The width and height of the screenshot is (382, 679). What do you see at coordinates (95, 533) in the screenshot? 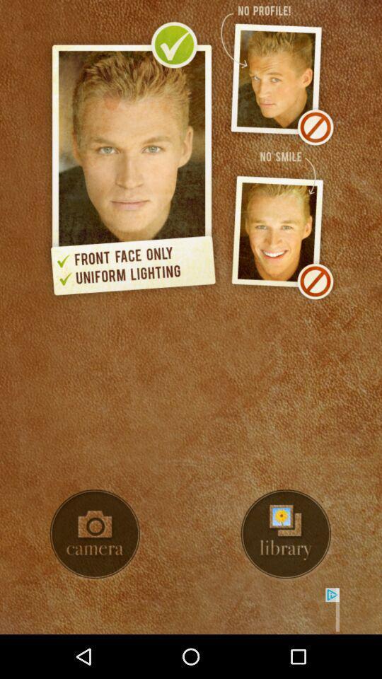
I see `take photo` at bounding box center [95, 533].